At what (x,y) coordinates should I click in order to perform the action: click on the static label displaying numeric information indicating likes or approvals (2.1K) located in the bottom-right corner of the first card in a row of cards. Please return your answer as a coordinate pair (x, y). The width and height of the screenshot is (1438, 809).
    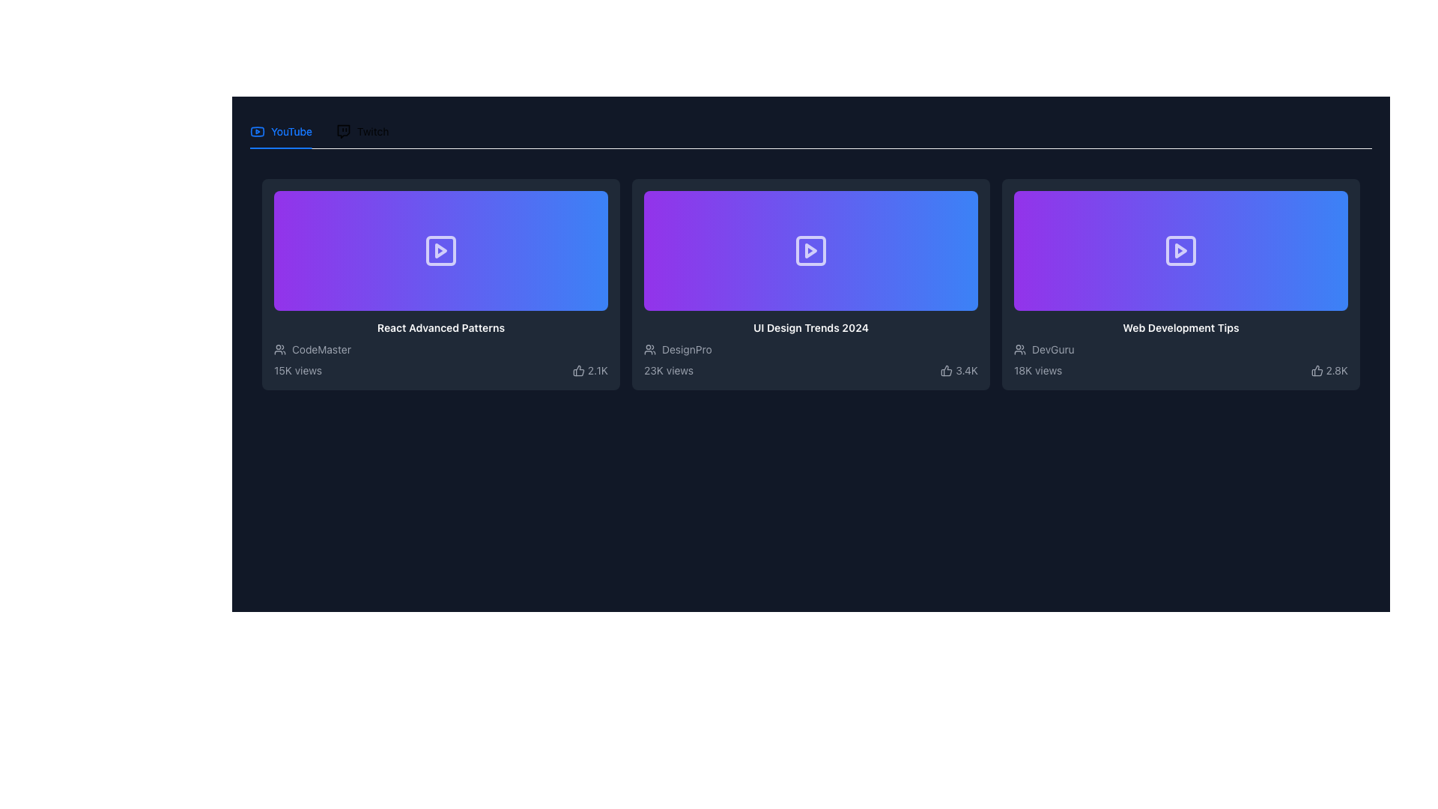
    Looking at the image, I should click on (597, 370).